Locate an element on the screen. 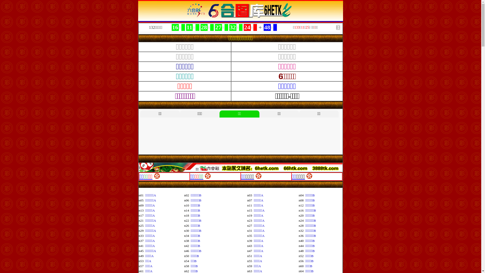 This screenshot has width=485, height=273. 'n06 ' is located at coordinates (184, 200).